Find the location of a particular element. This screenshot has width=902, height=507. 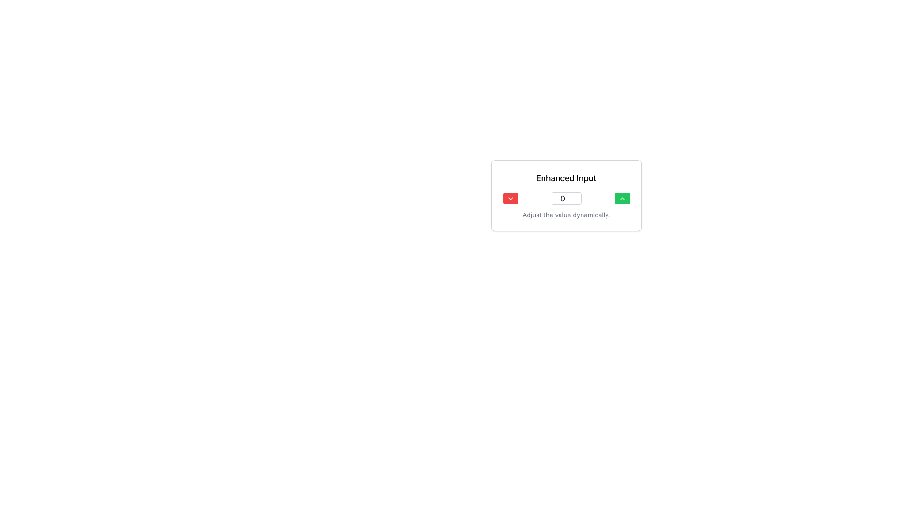

the chevron-shaped upward arrow icon embedded within the green button, which is located to the far right adjacent to the numerical input is located at coordinates (622, 198).